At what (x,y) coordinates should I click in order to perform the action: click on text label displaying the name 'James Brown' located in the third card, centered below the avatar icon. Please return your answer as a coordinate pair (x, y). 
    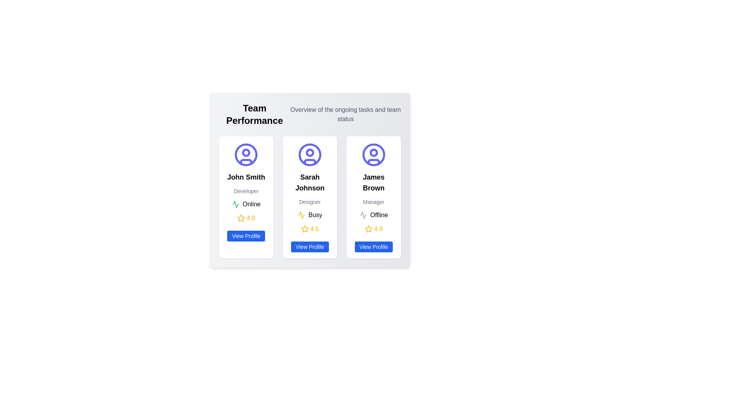
    Looking at the image, I should click on (373, 182).